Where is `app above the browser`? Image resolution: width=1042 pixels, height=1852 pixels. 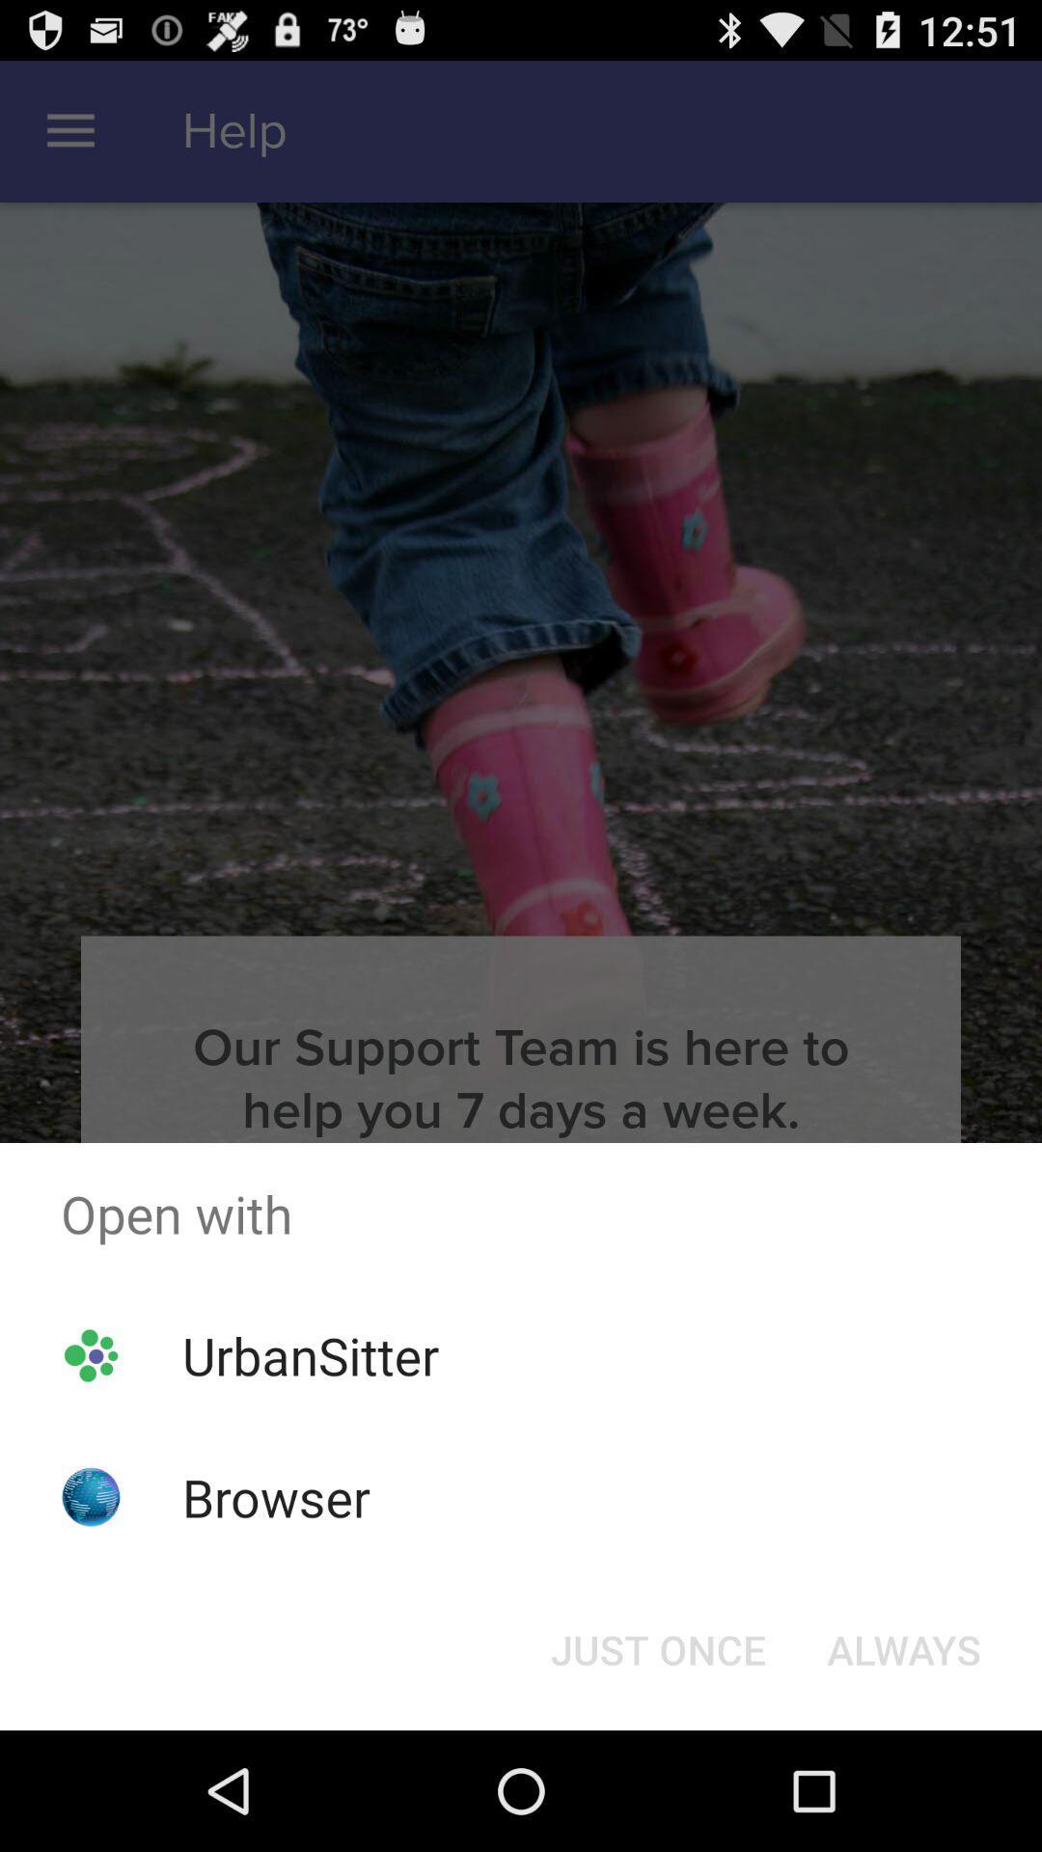 app above the browser is located at coordinates (310, 1354).